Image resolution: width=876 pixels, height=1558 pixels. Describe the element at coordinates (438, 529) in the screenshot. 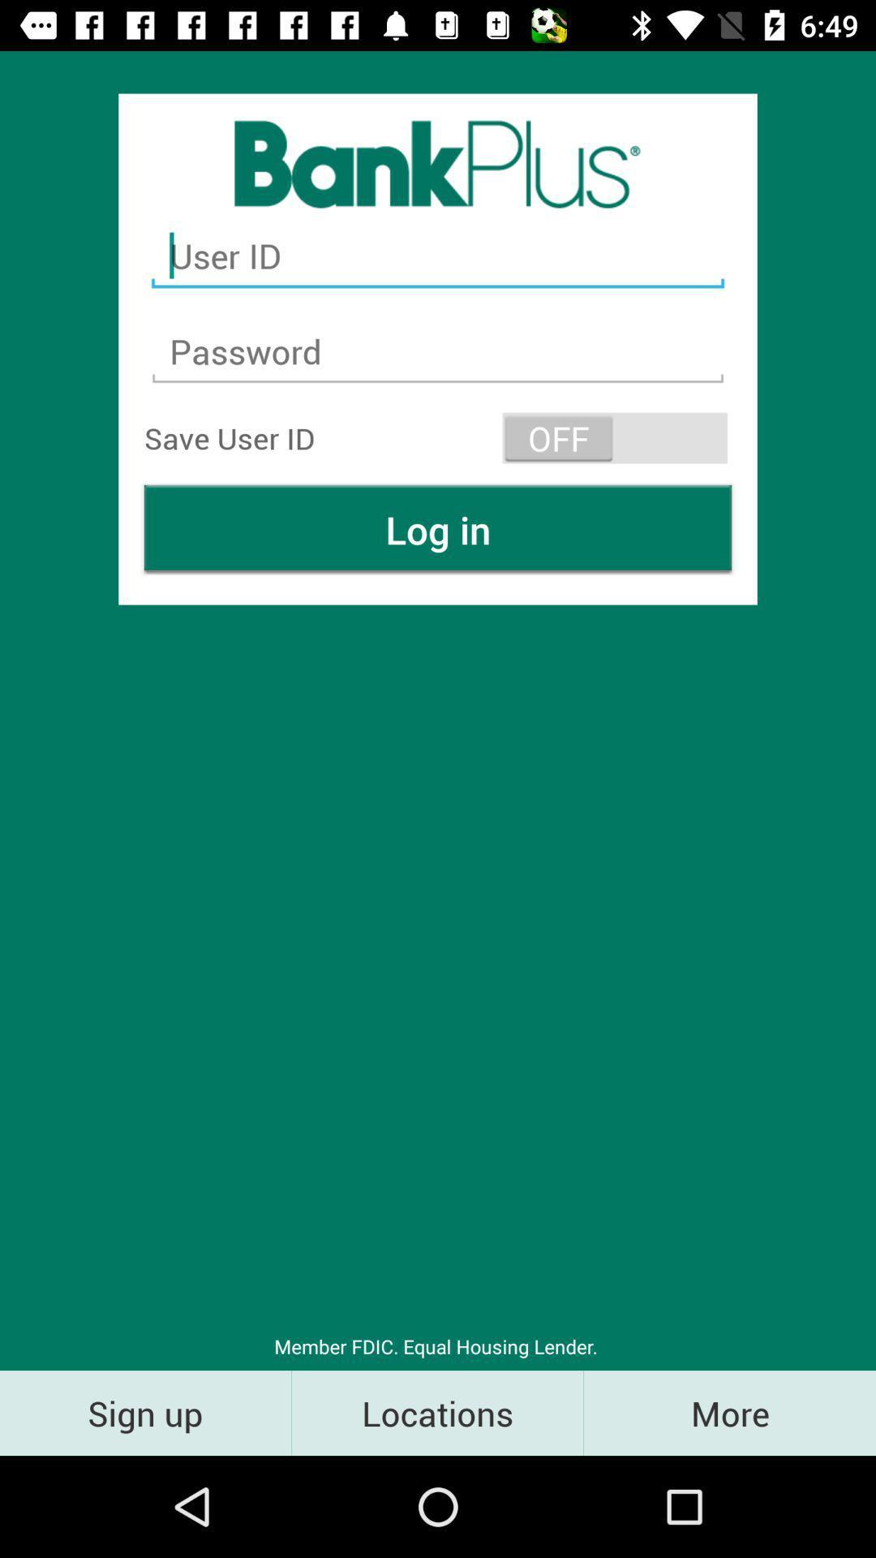

I see `icon at the center` at that location.